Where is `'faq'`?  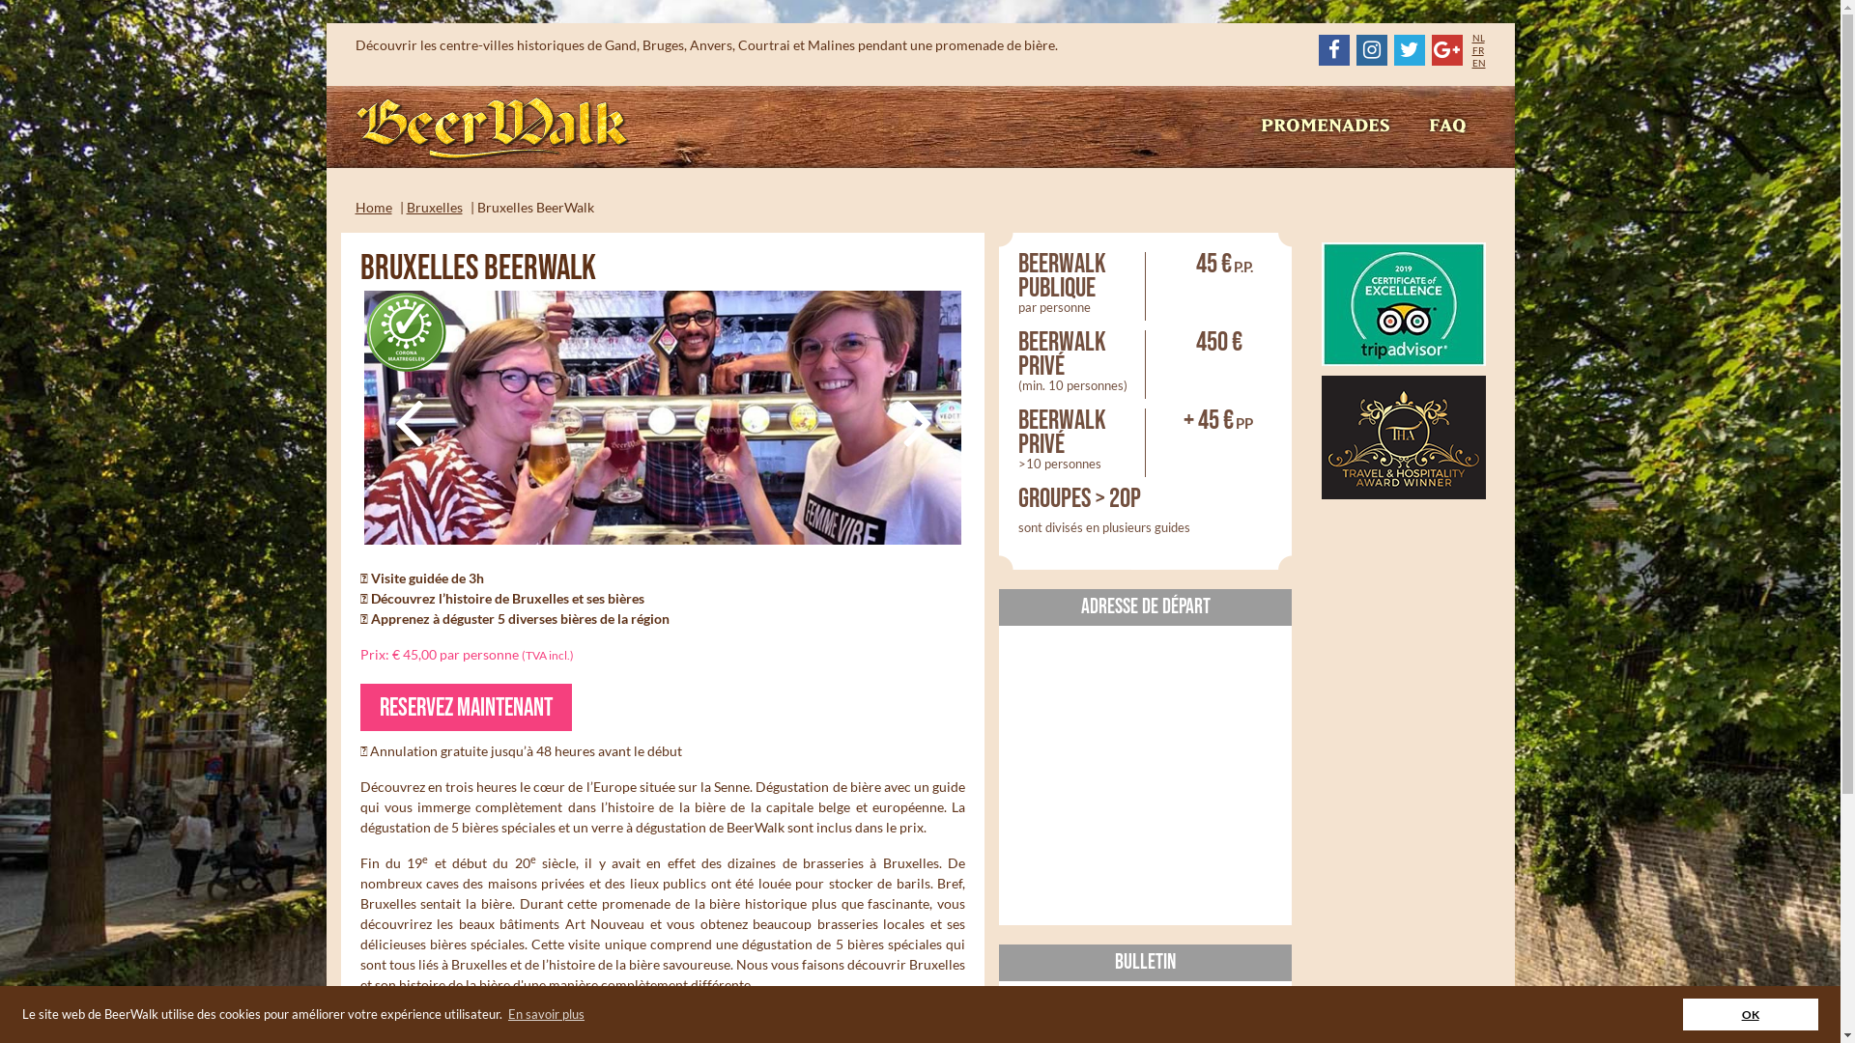 'faq' is located at coordinates (1446, 127).